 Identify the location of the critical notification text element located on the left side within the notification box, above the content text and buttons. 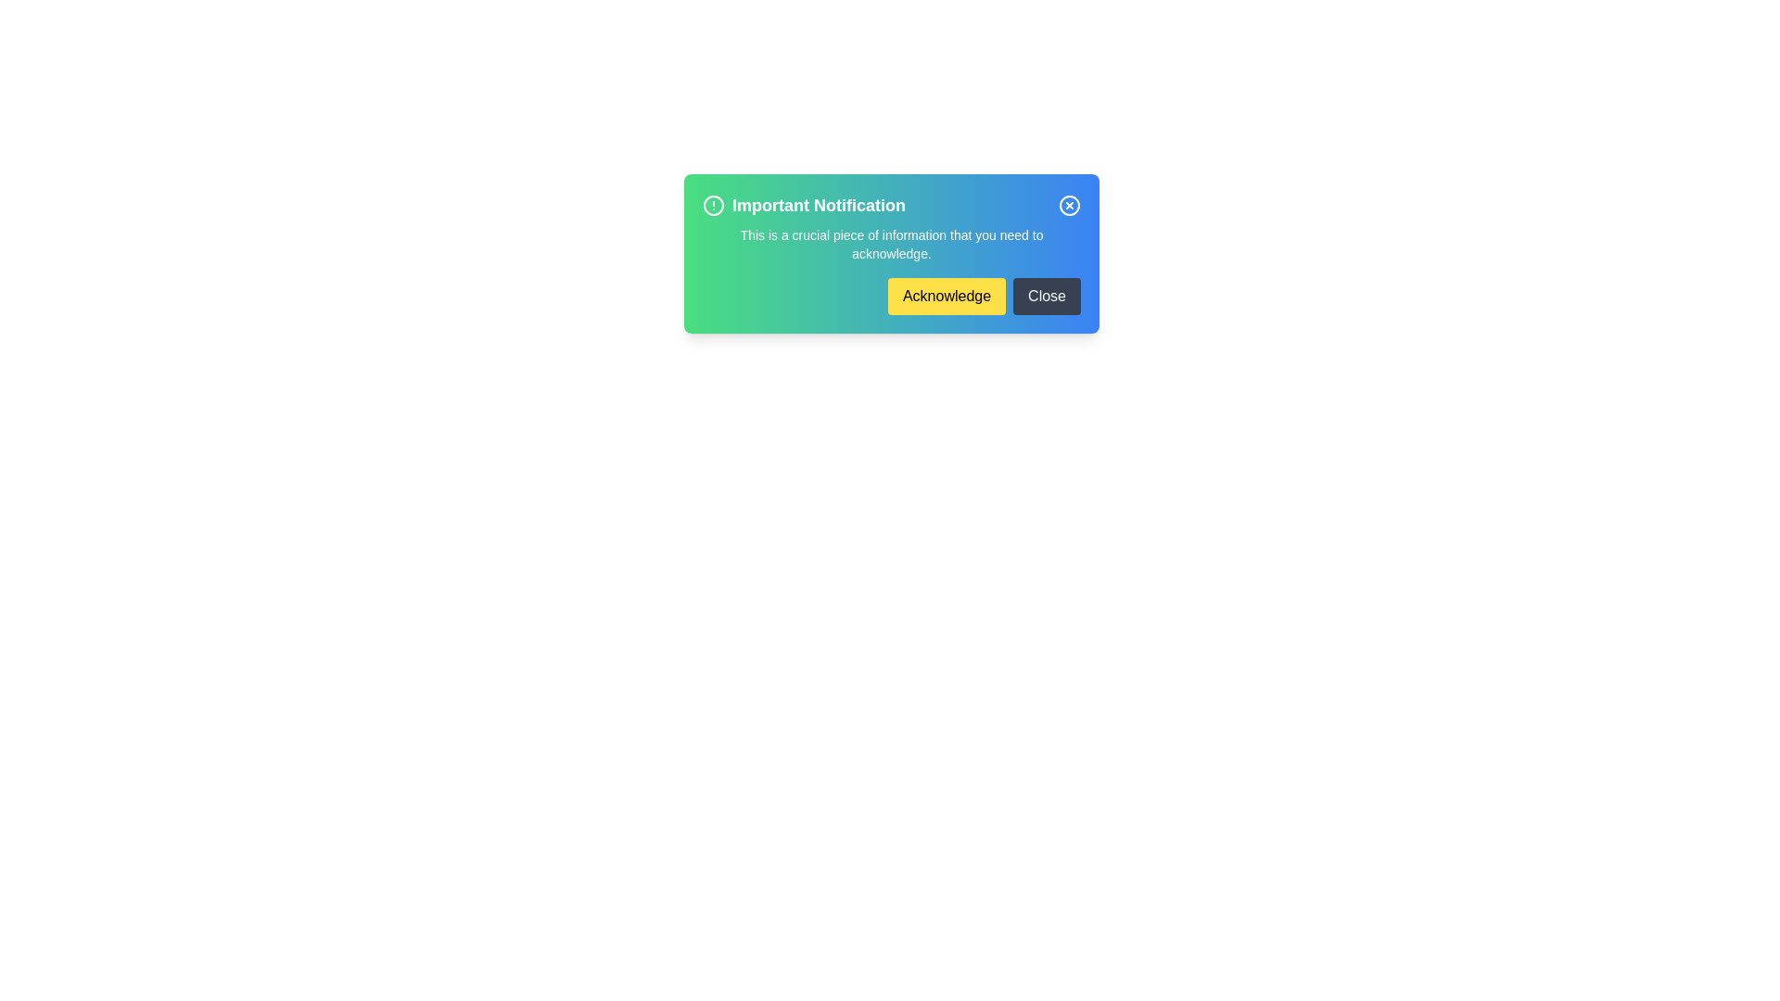
(804, 206).